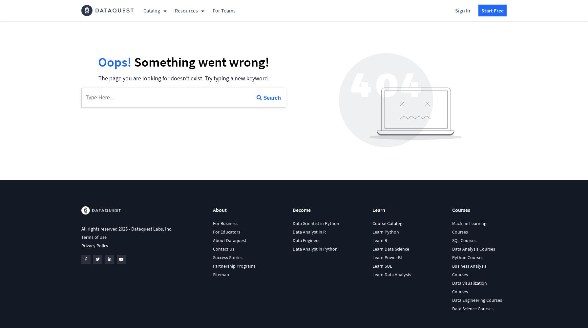 The image size is (588, 328). What do you see at coordinates (378, 210) in the screenshot?
I see `'Learn'` at bounding box center [378, 210].